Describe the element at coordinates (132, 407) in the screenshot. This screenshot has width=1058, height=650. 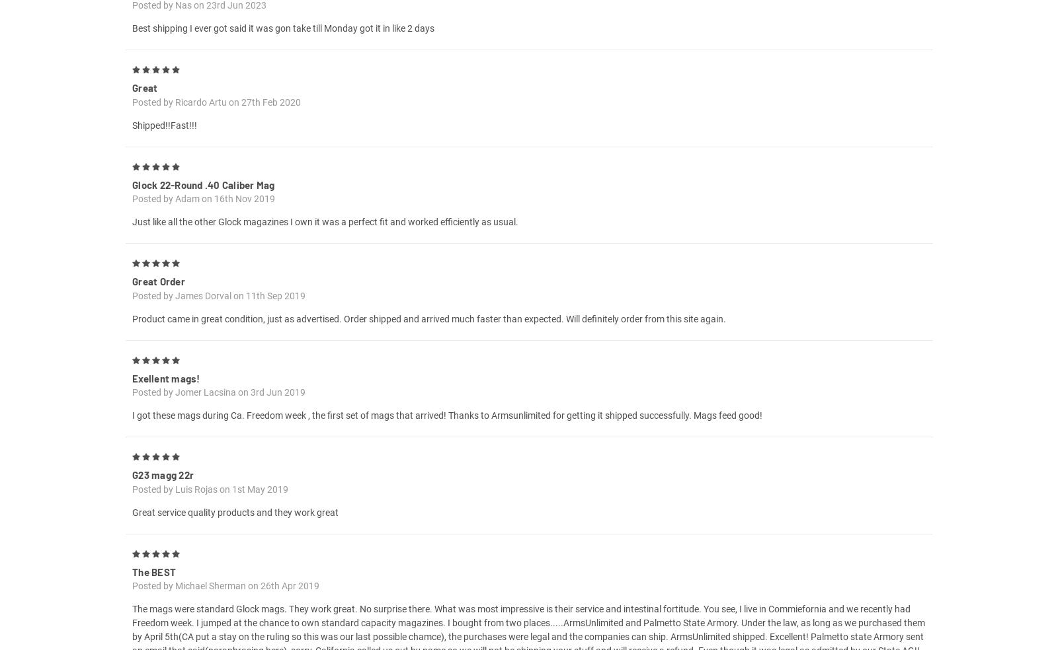
I see `'Posted by Jomer Lacsina on 3rd Jun 2019'` at that location.